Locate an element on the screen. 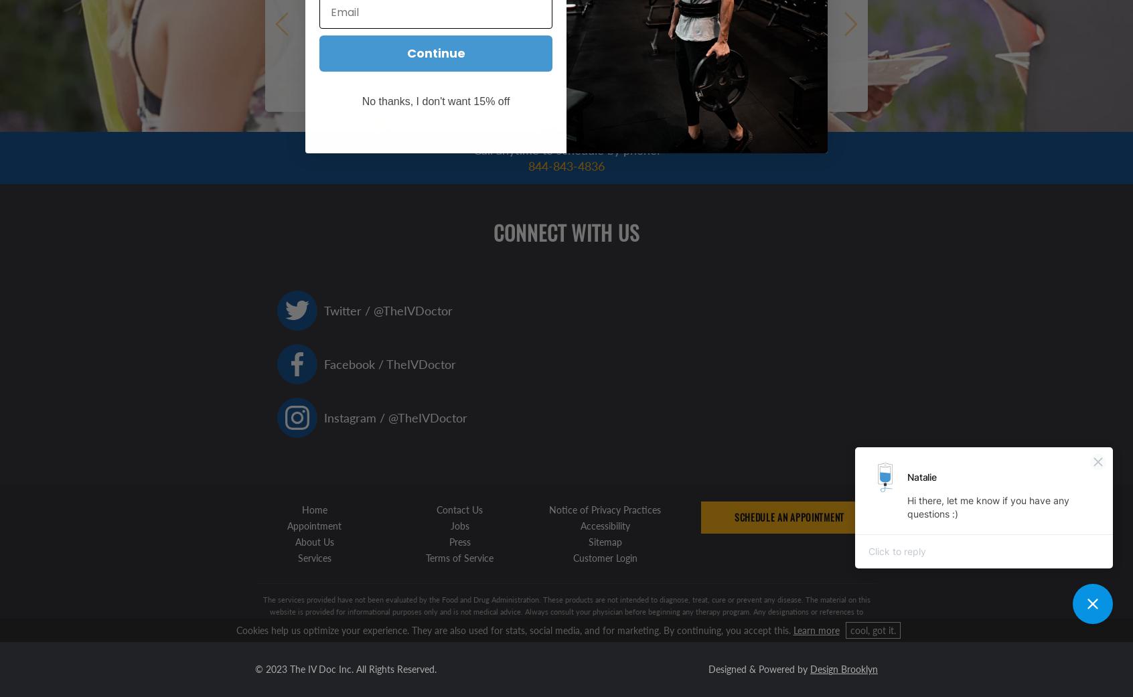 This screenshot has height=697, width=1133. 'Customer Login' is located at coordinates (571, 556).